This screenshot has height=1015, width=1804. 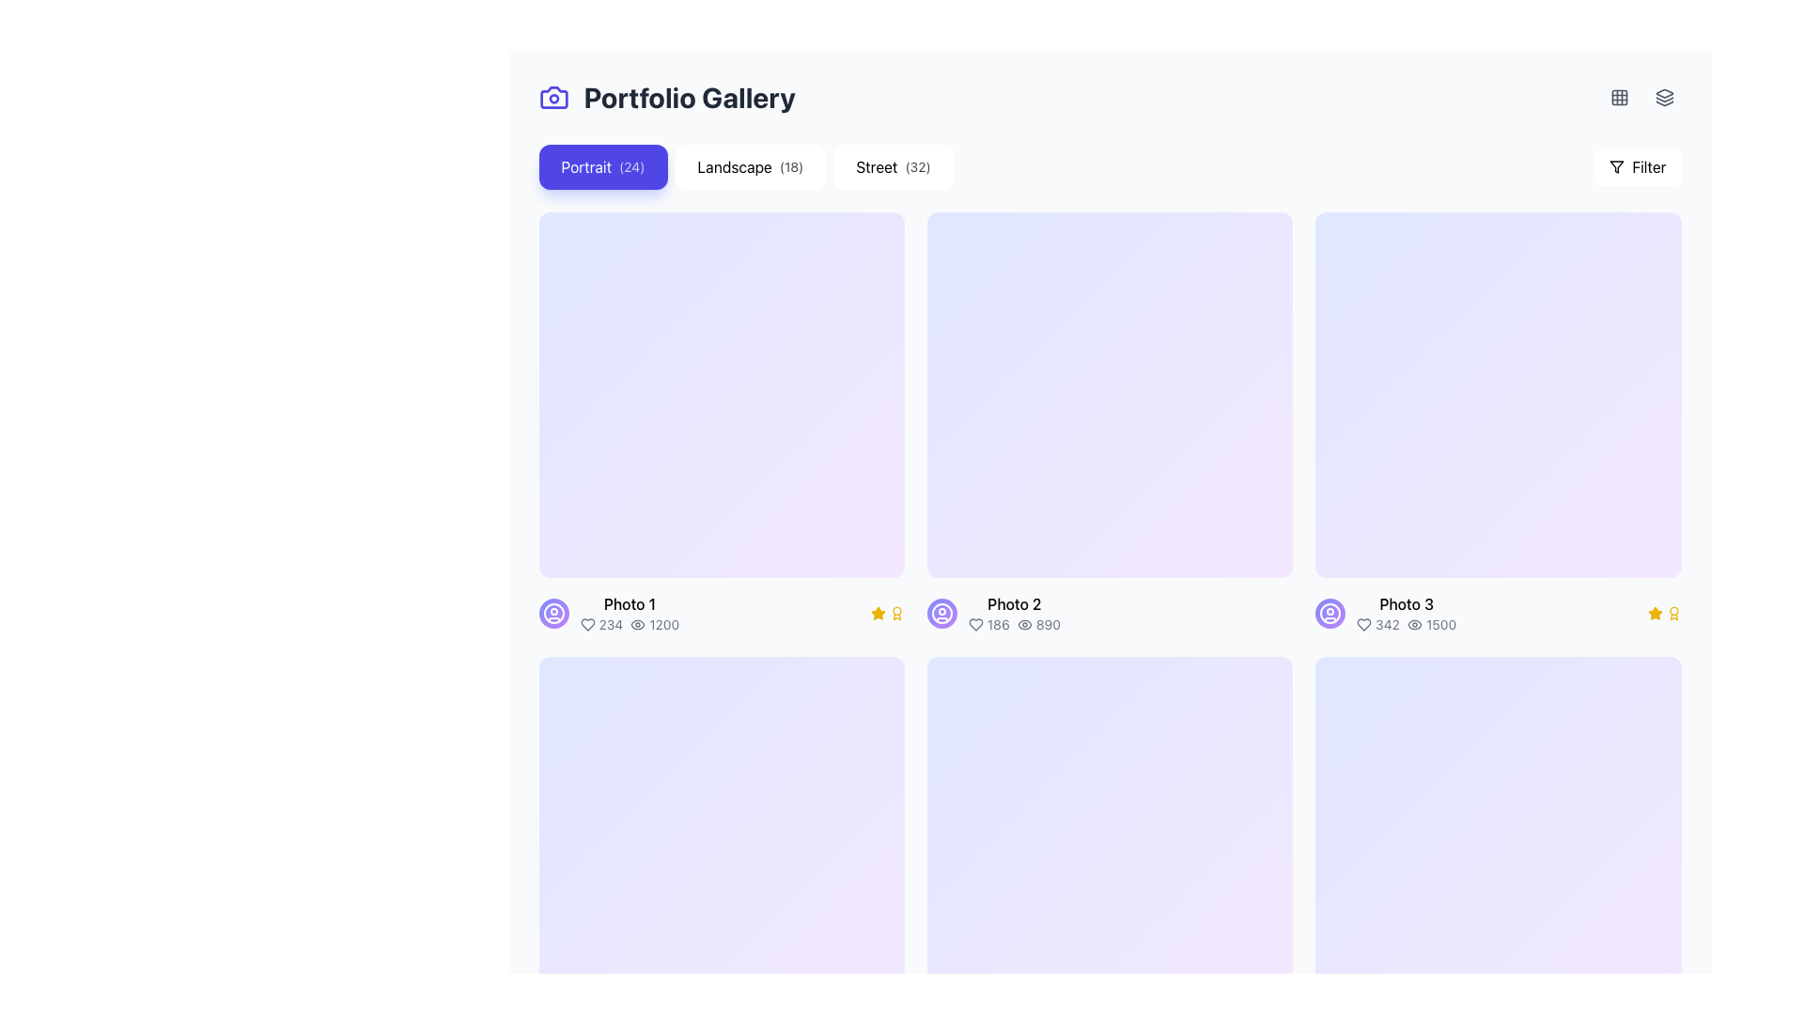 What do you see at coordinates (655, 625) in the screenshot?
I see `numerical value '1200' displayed next to the eye-shaped icon in the information bar under the thumbnail labeled 'Photo 1'` at bounding box center [655, 625].